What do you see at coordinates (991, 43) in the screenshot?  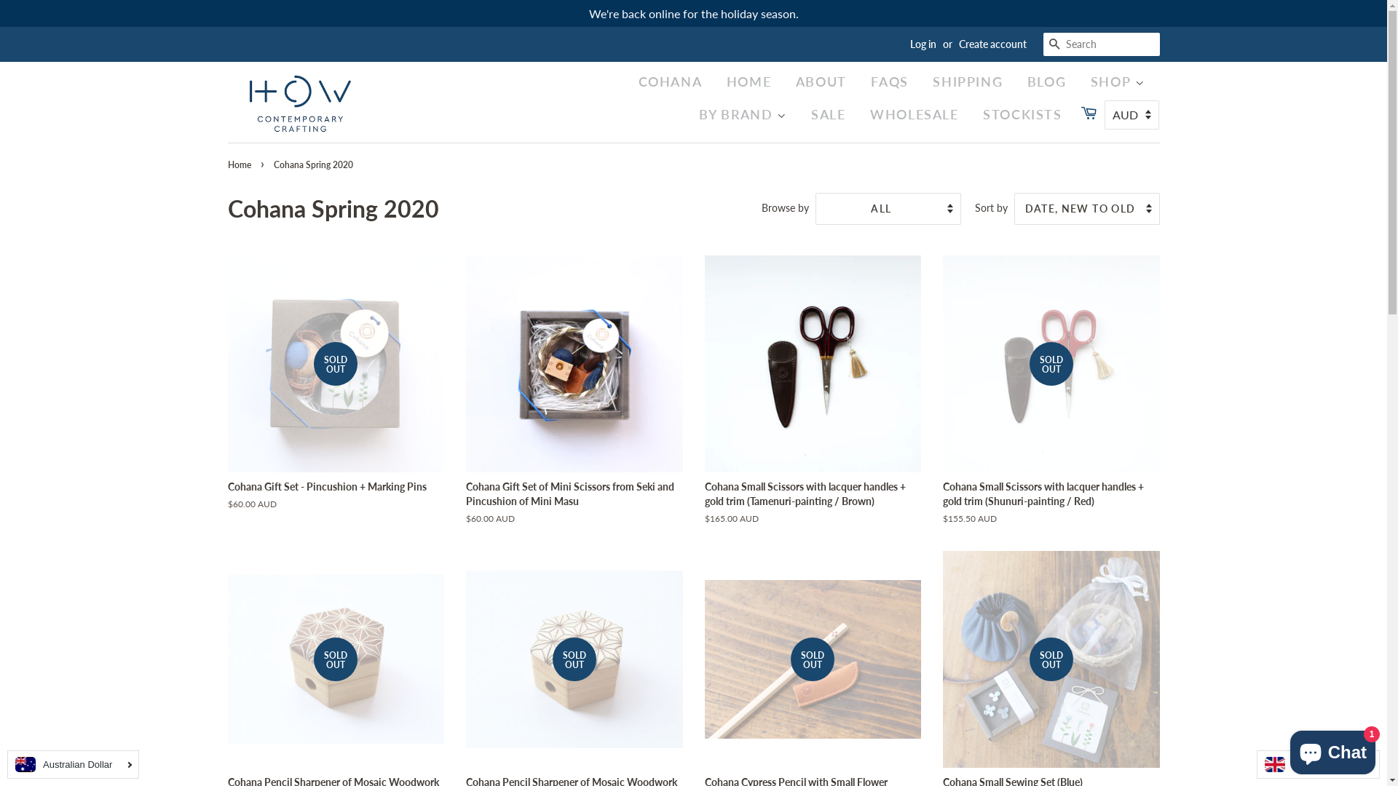 I see `'Create account'` at bounding box center [991, 43].